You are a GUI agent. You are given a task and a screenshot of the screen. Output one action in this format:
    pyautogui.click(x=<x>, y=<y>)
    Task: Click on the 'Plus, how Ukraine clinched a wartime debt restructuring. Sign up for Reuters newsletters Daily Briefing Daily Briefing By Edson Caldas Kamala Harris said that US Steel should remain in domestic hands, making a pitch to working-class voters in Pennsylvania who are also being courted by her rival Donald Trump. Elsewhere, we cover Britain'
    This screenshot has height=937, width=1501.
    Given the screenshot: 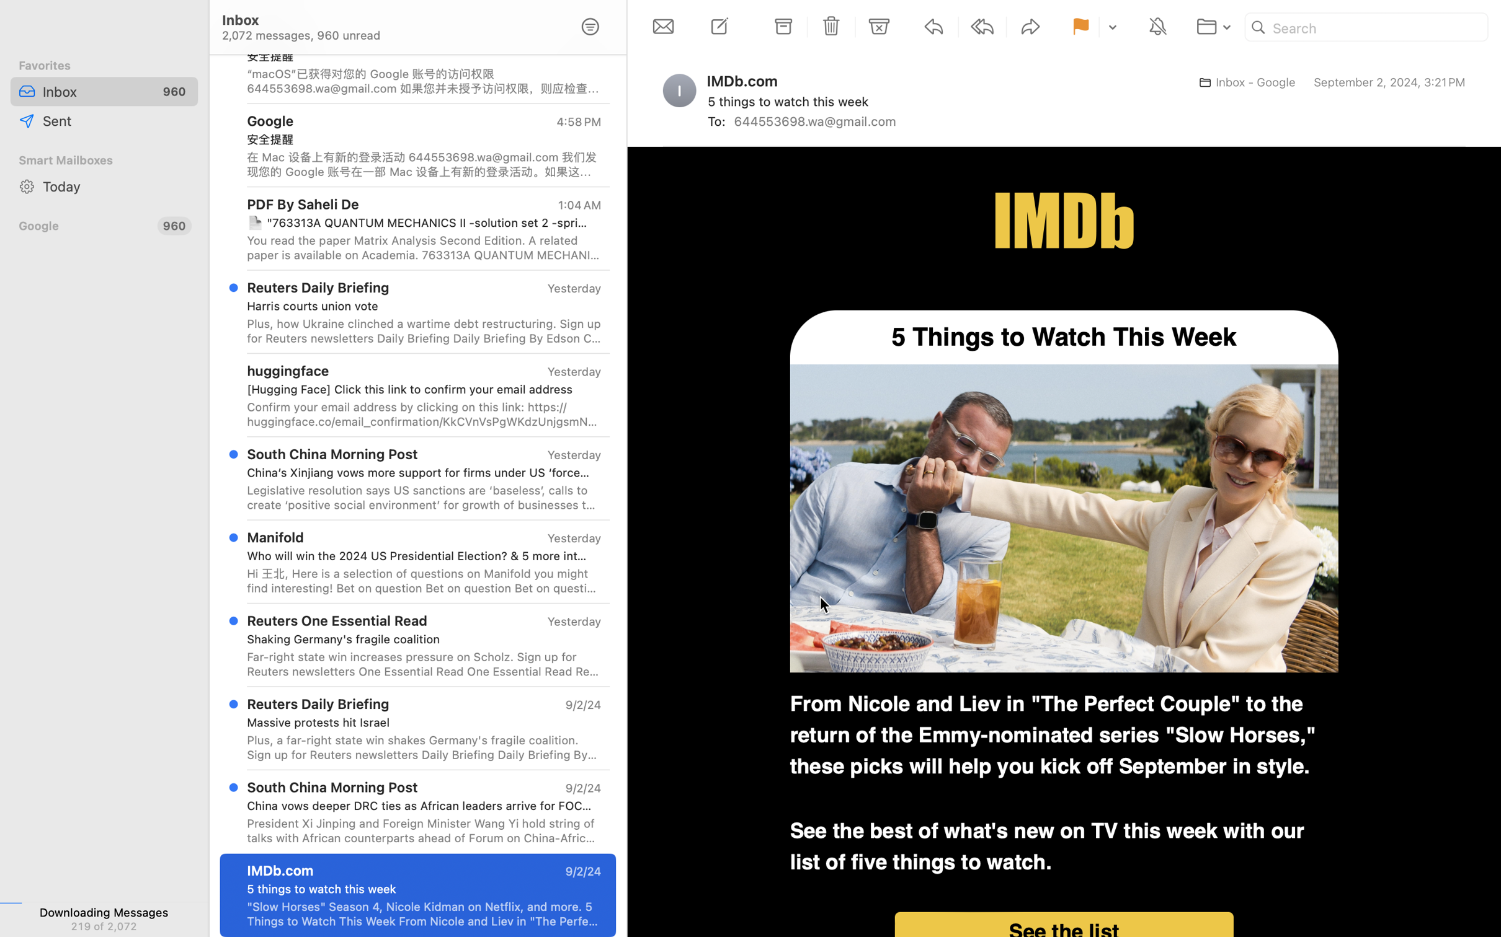 What is the action you would take?
    pyautogui.click(x=423, y=330)
    